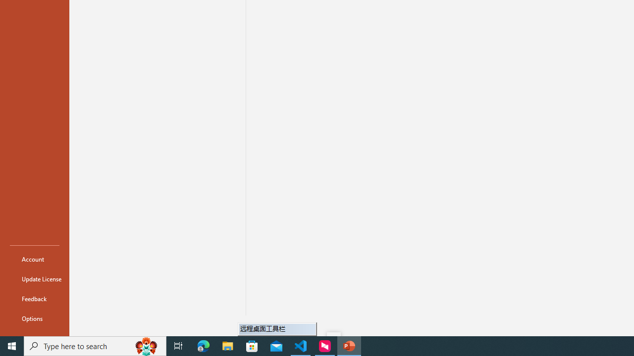 Image resolution: width=634 pixels, height=356 pixels. Describe the element at coordinates (34, 298) in the screenshot. I see `'Feedback'` at that location.